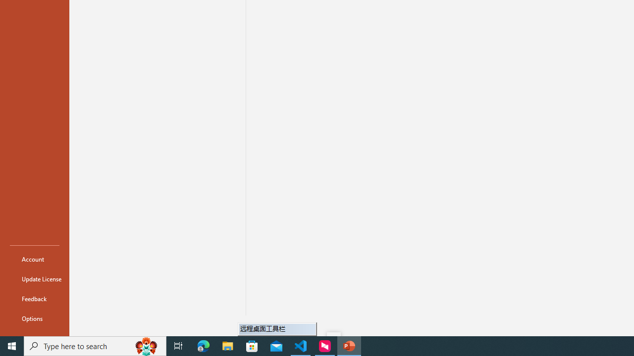 Image resolution: width=634 pixels, height=356 pixels. Describe the element at coordinates (34, 298) in the screenshot. I see `'Feedback'` at that location.